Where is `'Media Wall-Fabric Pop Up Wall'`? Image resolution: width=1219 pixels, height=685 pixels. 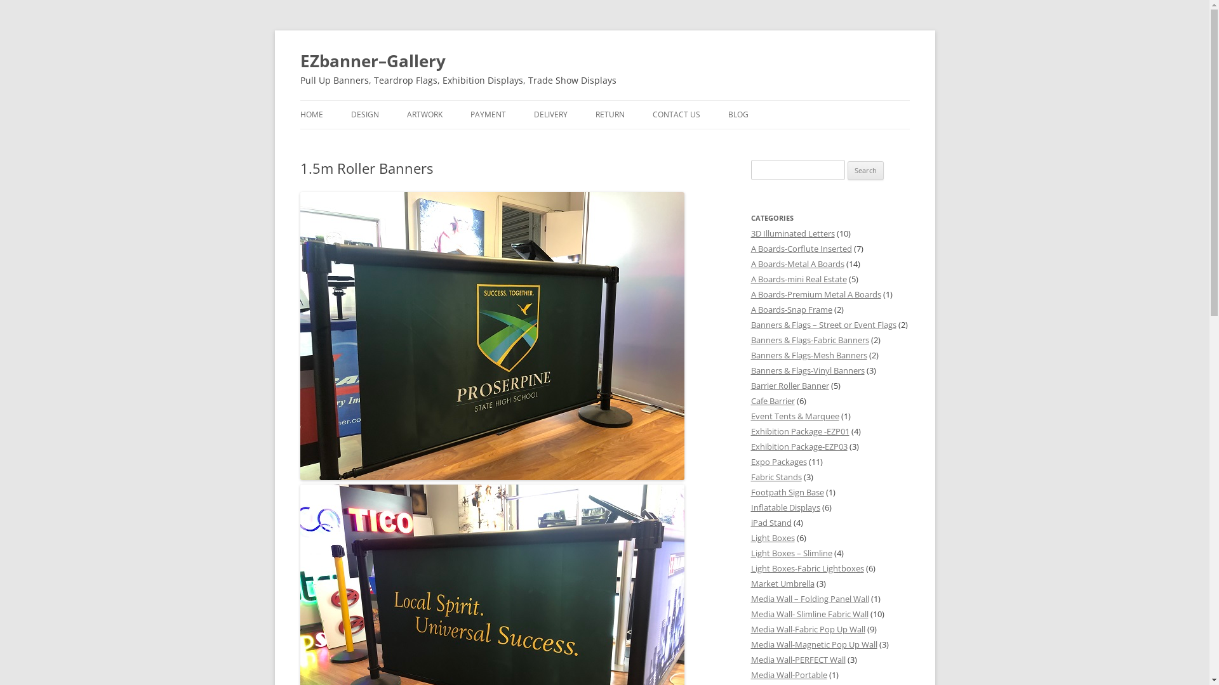
'Media Wall-Fabric Pop Up Wall' is located at coordinates (750, 629).